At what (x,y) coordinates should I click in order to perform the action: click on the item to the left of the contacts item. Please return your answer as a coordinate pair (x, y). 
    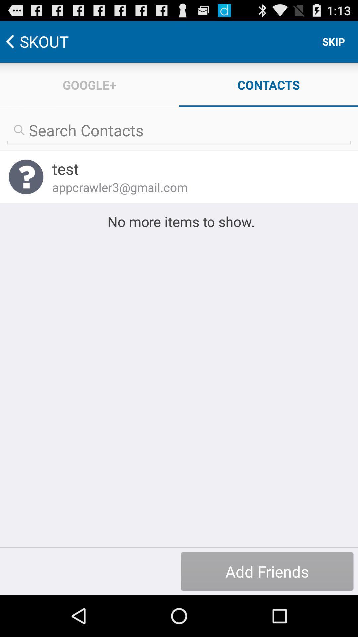
    Looking at the image, I should click on (89, 84).